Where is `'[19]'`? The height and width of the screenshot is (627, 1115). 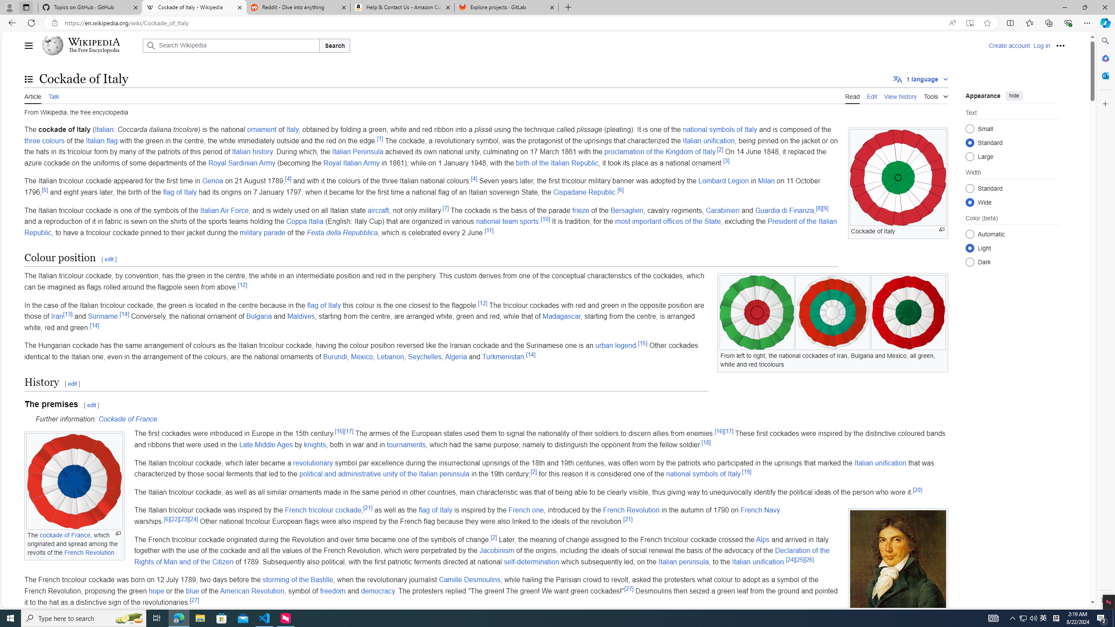 '[19]' is located at coordinates (746, 472).